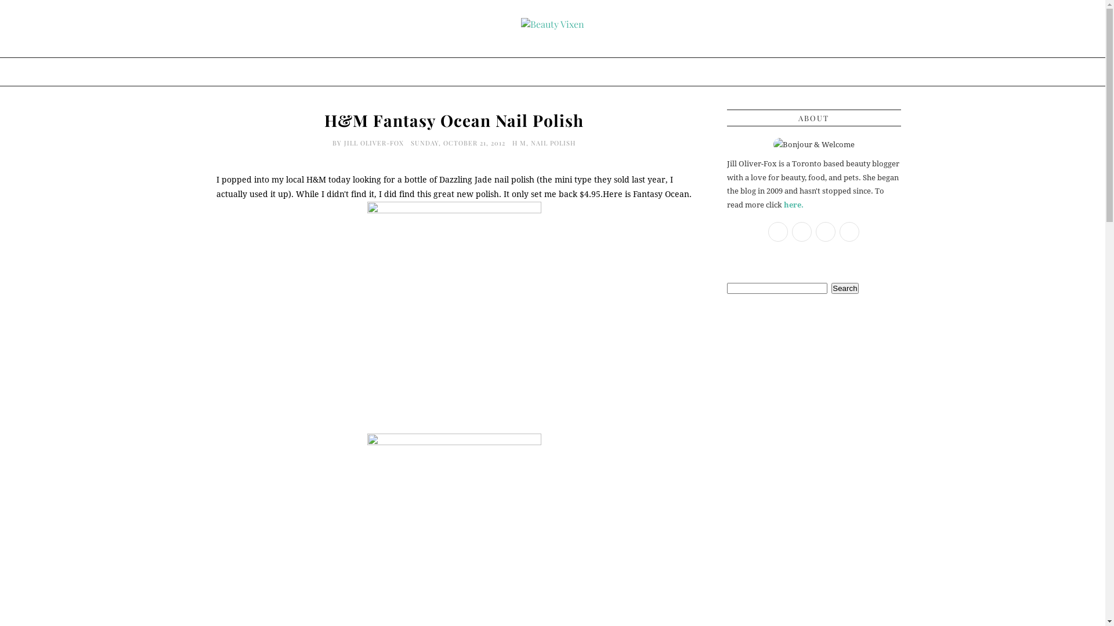 This screenshot has width=1114, height=626. I want to click on 'H M', so click(518, 142).